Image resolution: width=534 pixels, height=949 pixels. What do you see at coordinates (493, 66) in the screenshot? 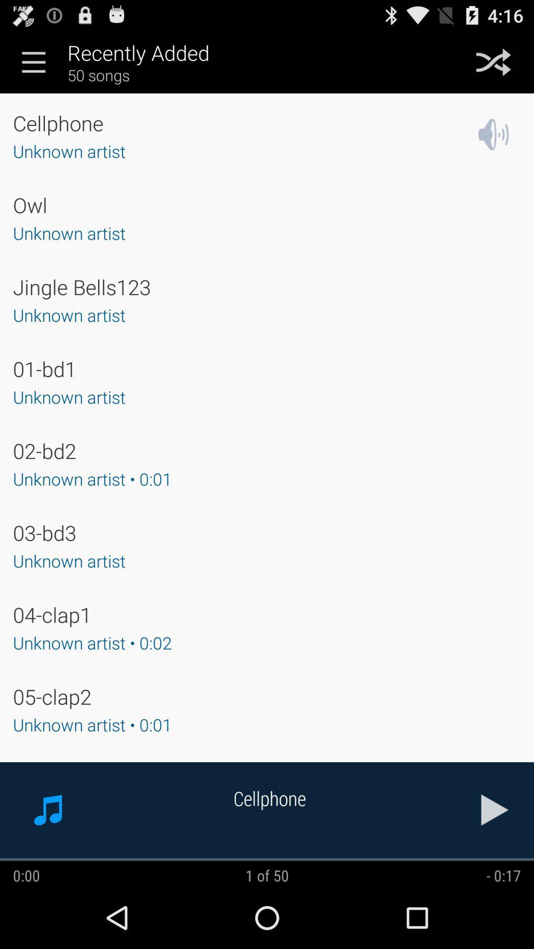
I see `the close icon` at bounding box center [493, 66].